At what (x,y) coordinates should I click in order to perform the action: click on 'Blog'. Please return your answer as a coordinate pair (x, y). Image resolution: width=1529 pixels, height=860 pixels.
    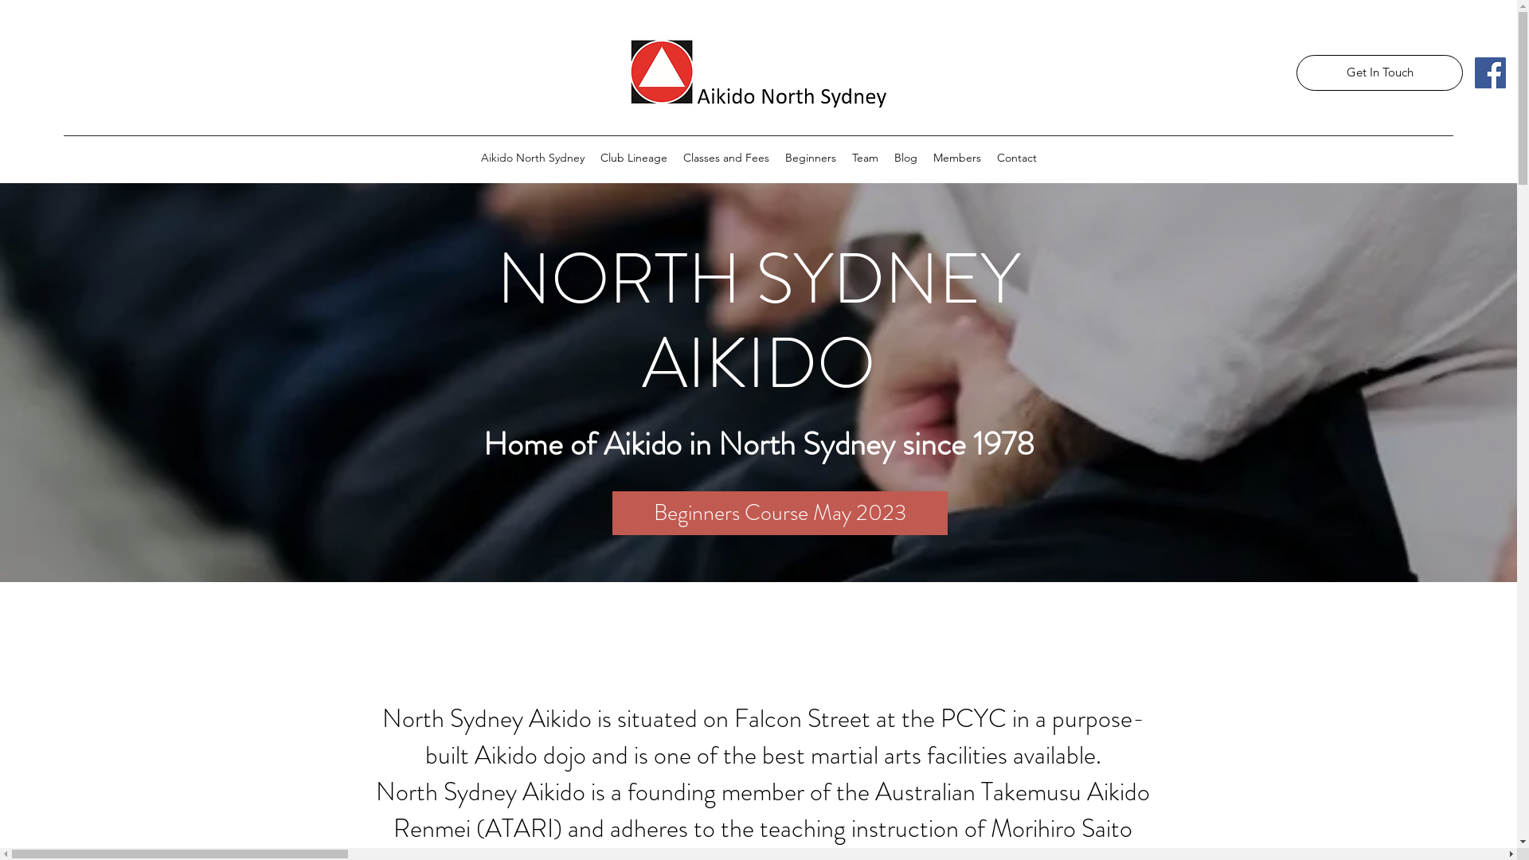
    Looking at the image, I should click on (905, 158).